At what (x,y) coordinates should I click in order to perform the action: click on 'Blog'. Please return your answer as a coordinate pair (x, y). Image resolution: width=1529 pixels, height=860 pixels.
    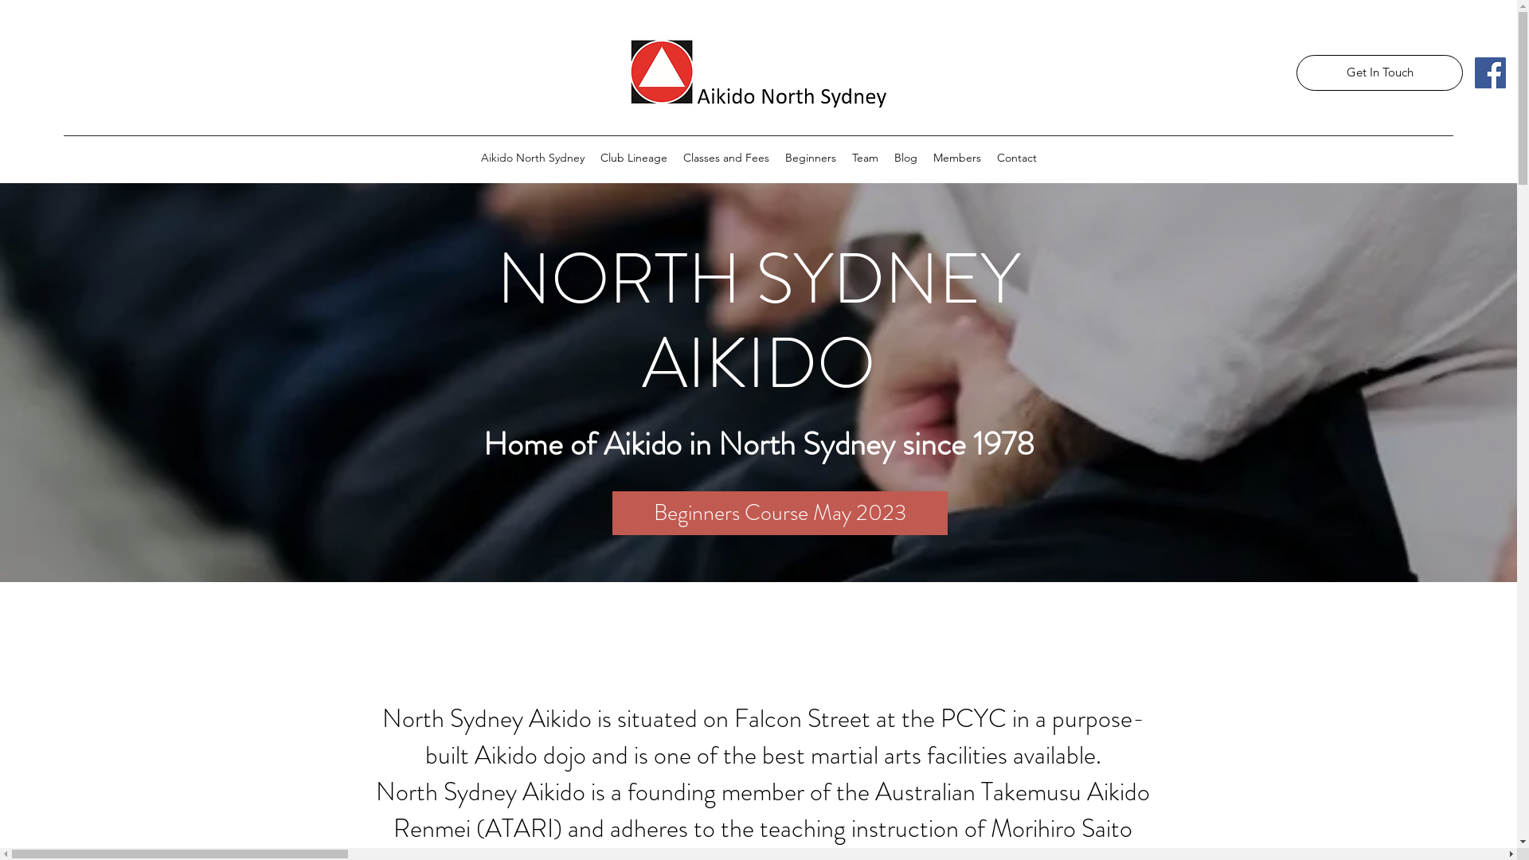
    Looking at the image, I should click on (905, 158).